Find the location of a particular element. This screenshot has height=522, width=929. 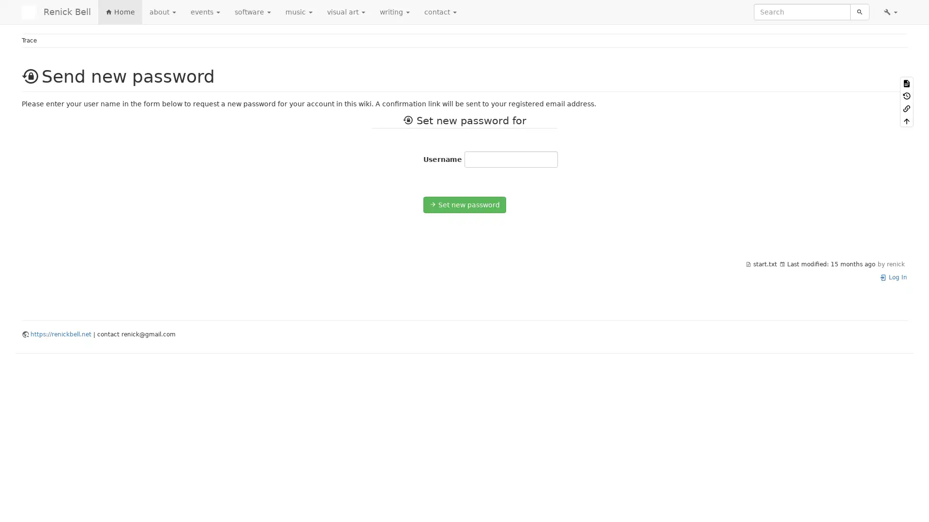

Search is located at coordinates (859, 12).